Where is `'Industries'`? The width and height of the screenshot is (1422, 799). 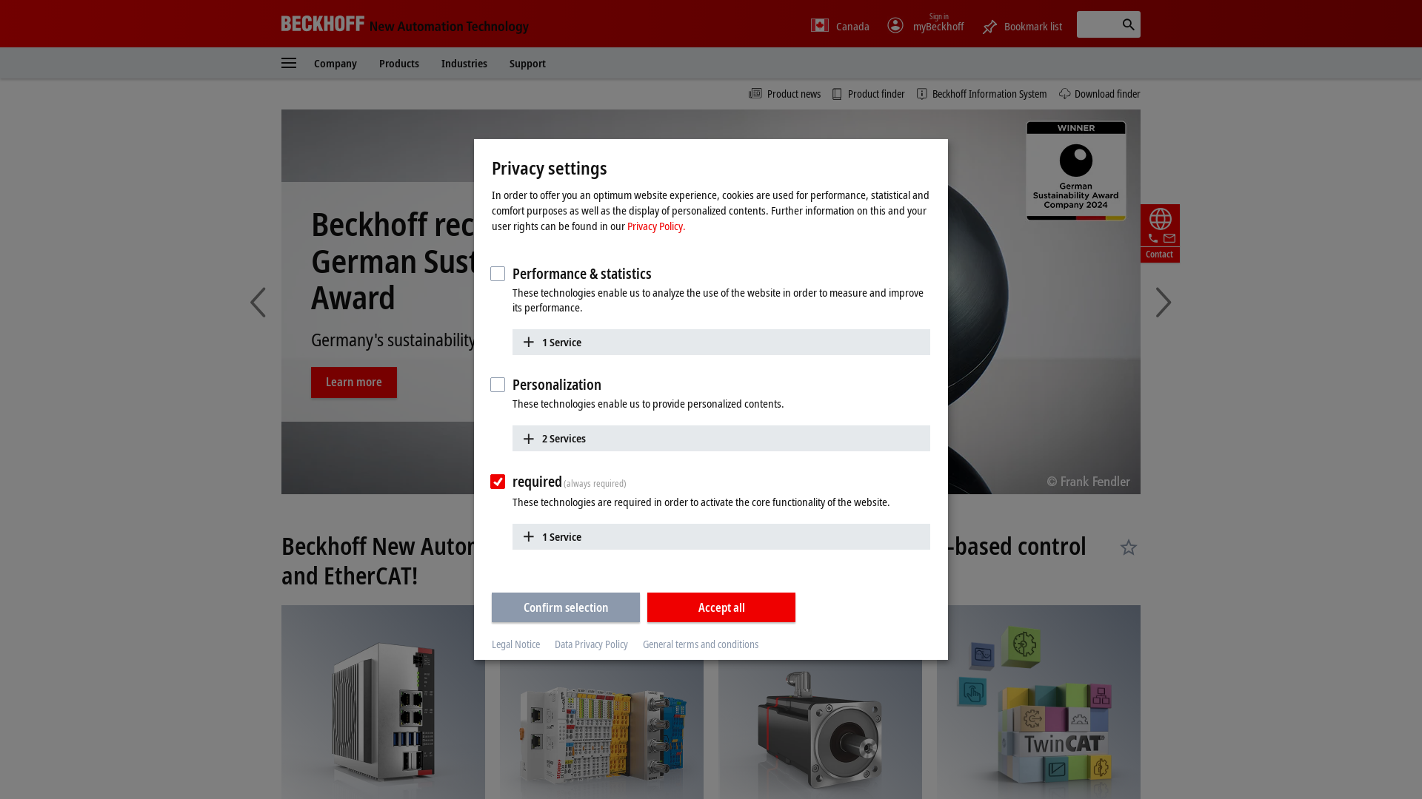
'Industries' is located at coordinates (464, 61).